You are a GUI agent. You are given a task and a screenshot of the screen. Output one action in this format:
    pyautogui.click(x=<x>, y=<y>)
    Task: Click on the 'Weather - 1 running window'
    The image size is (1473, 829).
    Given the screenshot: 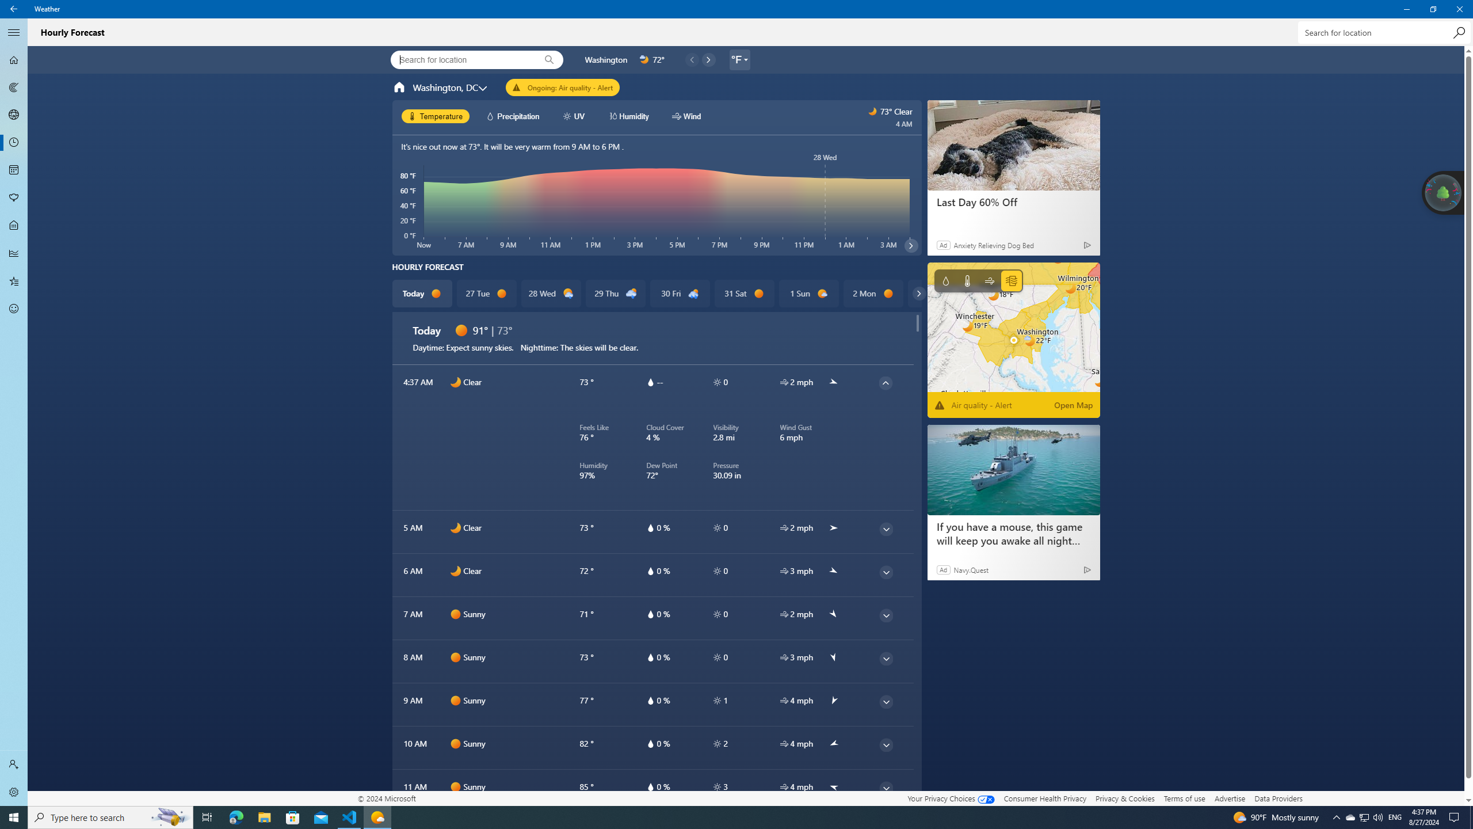 What is the action you would take?
    pyautogui.click(x=377, y=816)
    